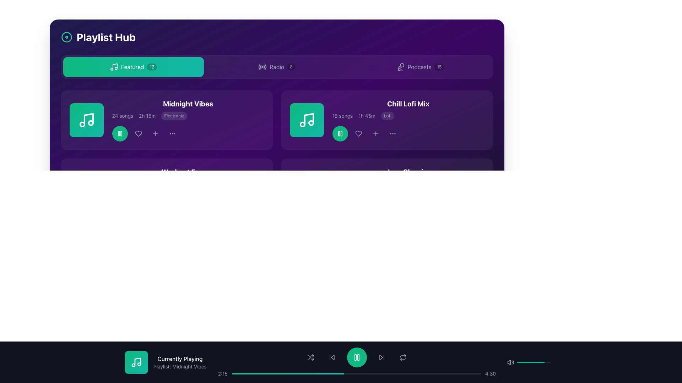  What do you see at coordinates (119, 134) in the screenshot?
I see `the left part of the pause control icon, which is part of the media playback control system` at bounding box center [119, 134].